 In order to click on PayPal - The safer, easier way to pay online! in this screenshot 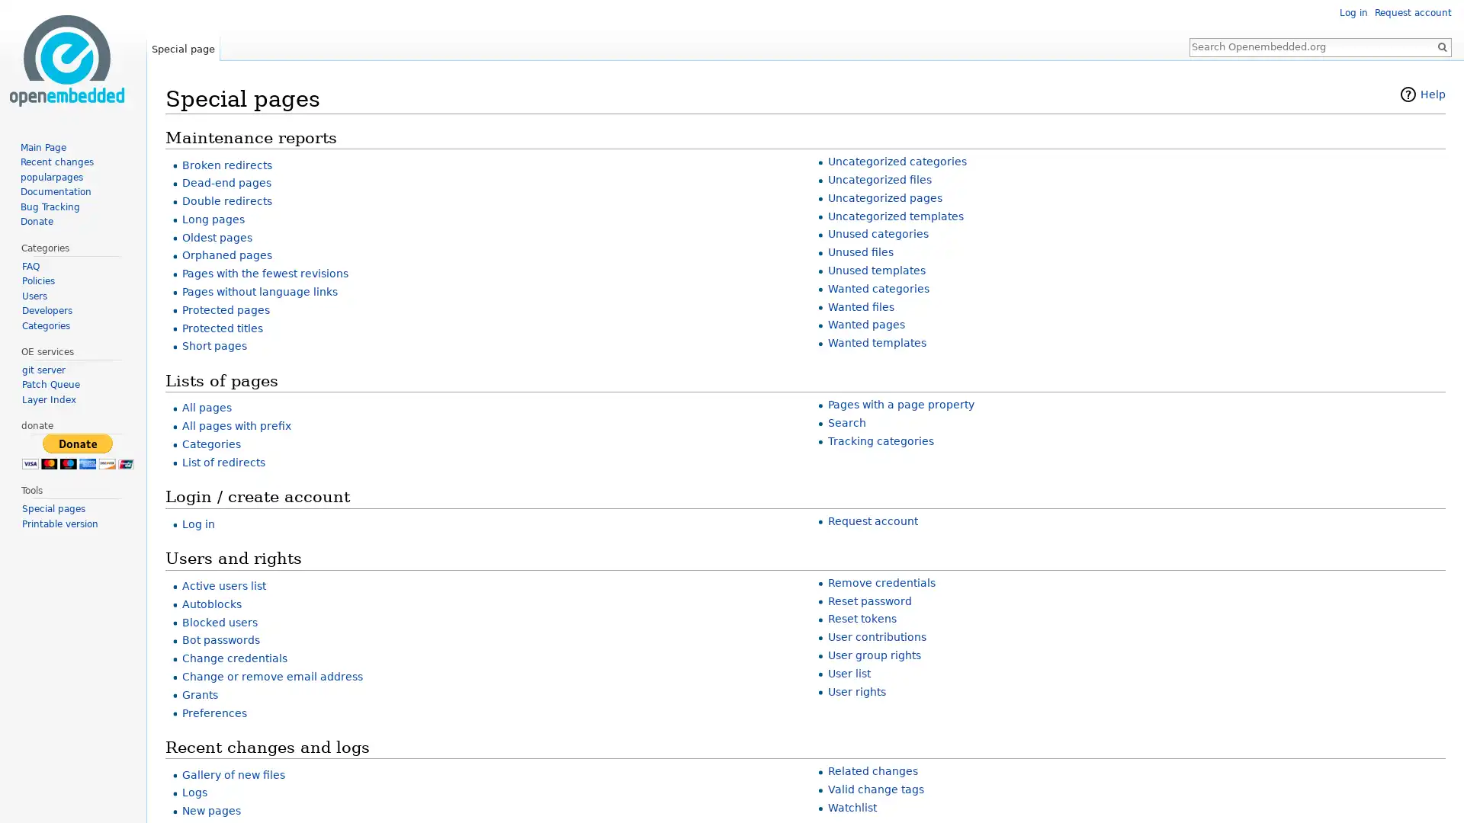, I will do `click(76, 450)`.